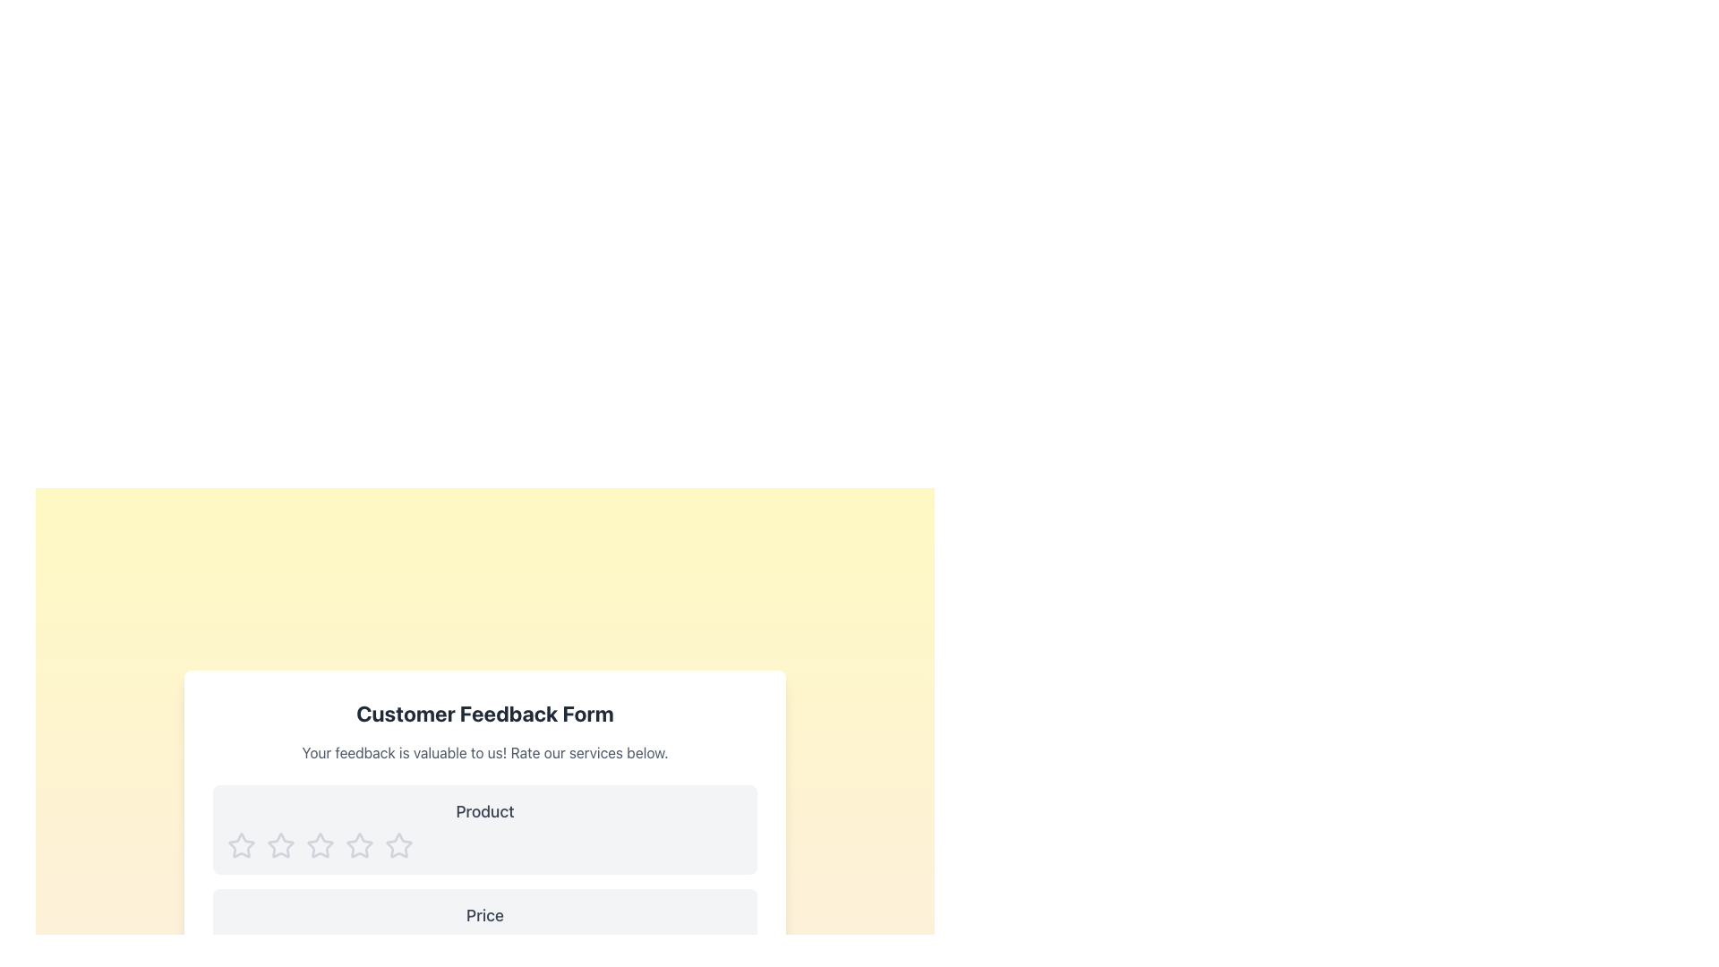 Image resolution: width=1719 pixels, height=967 pixels. I want to click on text from the Text Block that prompts users to provide feedback on services, located below the main title 'Customer Feedback Form', so click(485, 752).